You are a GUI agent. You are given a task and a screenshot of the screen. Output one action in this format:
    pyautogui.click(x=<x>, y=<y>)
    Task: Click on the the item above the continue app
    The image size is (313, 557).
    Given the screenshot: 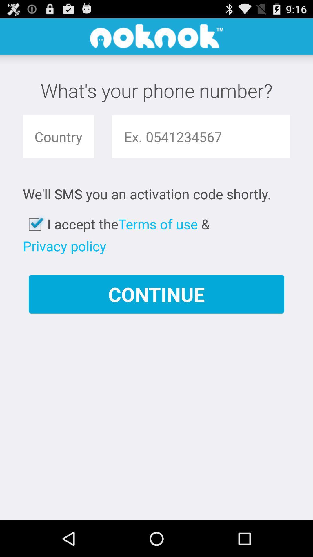 What is the action you would take?
    pyautogui.click(x=64, y=246)
    